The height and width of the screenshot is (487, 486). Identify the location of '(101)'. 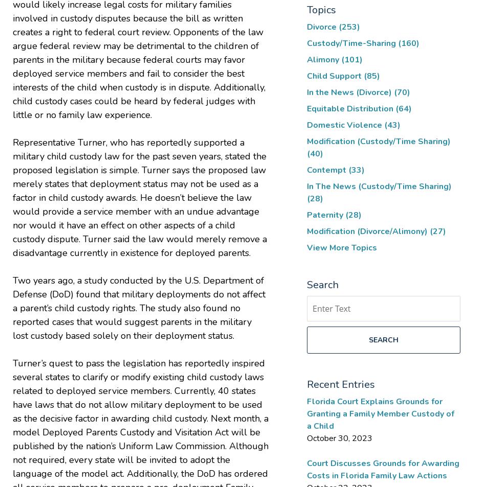
(351, 58).